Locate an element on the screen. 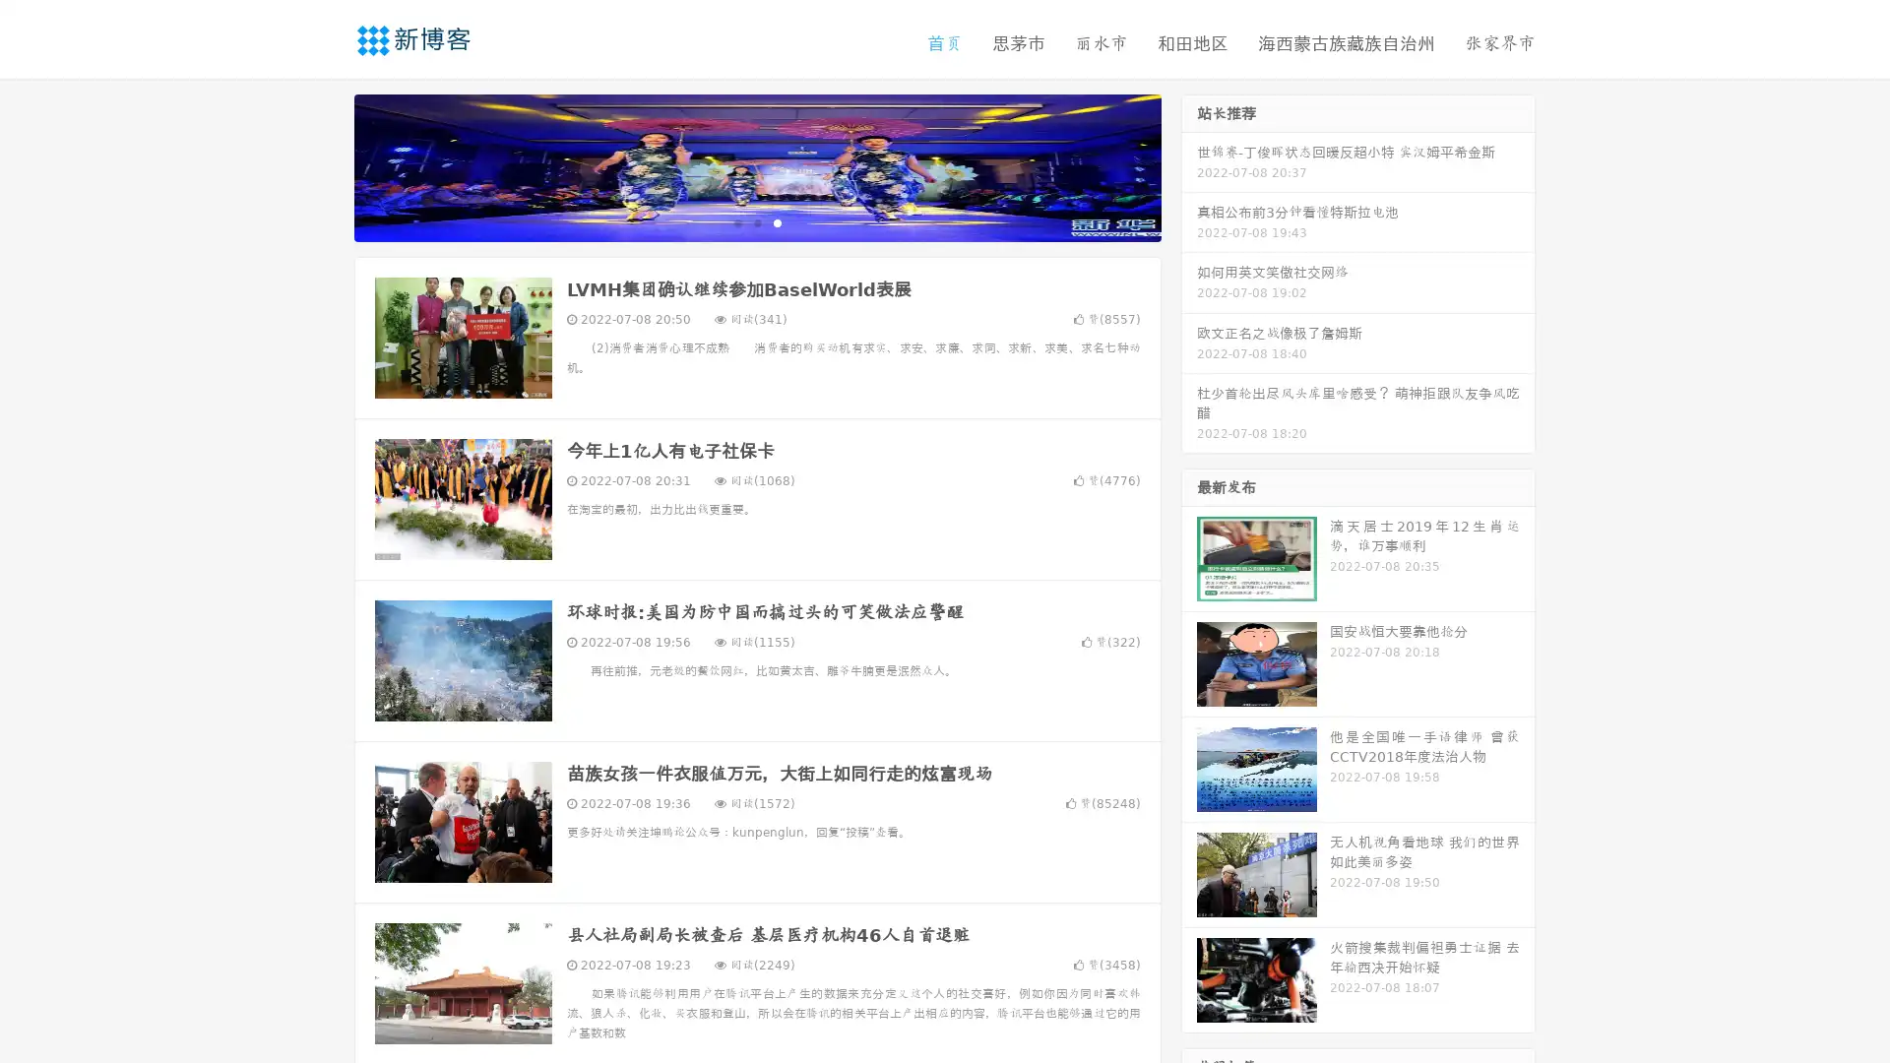 The image size is (1890, 1063). Go to slide 3 is located at coordinates (777, 221).